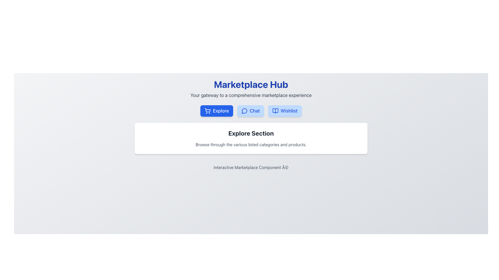  Describe the element at coordinates (244, 111) in the screenshot. I see `the circular speech bubble icon located within the blue 'Chat' button at the center top portion of the interface` at that location.